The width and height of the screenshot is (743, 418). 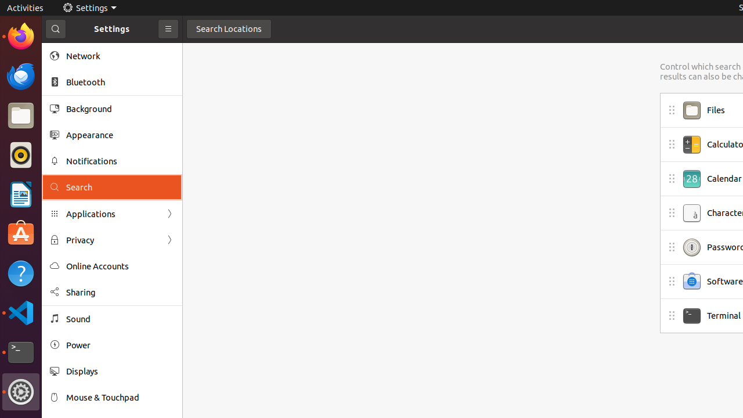 I want to click on 'Notifications', so click(x=120, y=161).